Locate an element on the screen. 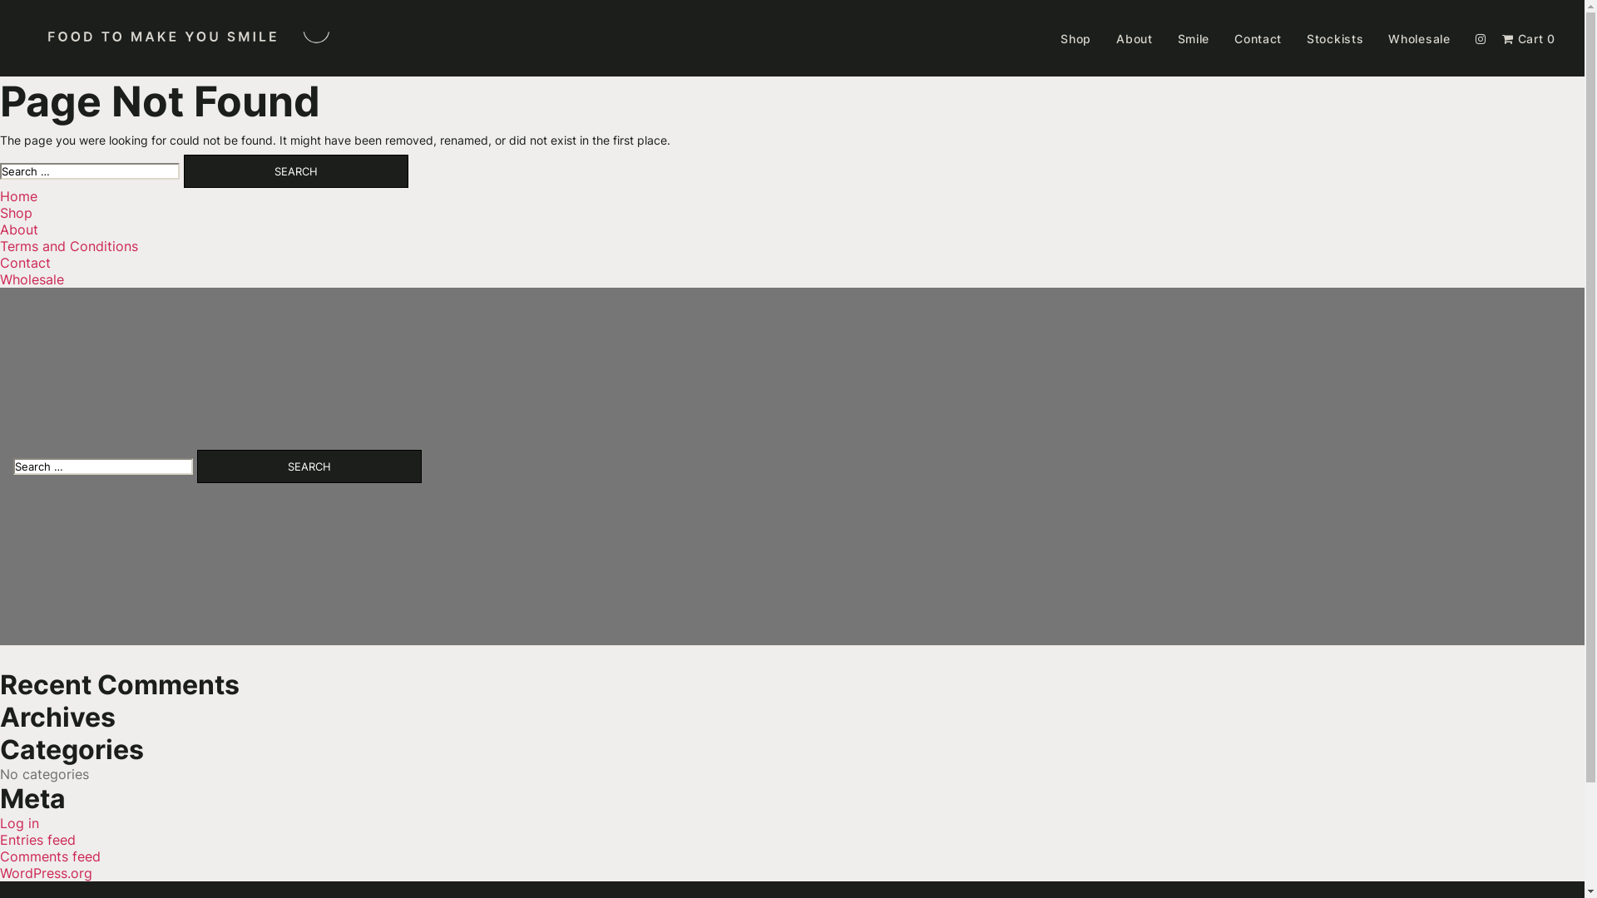 The image size is (1597, 898). 'Contact' is located at coordinates (25, 262).